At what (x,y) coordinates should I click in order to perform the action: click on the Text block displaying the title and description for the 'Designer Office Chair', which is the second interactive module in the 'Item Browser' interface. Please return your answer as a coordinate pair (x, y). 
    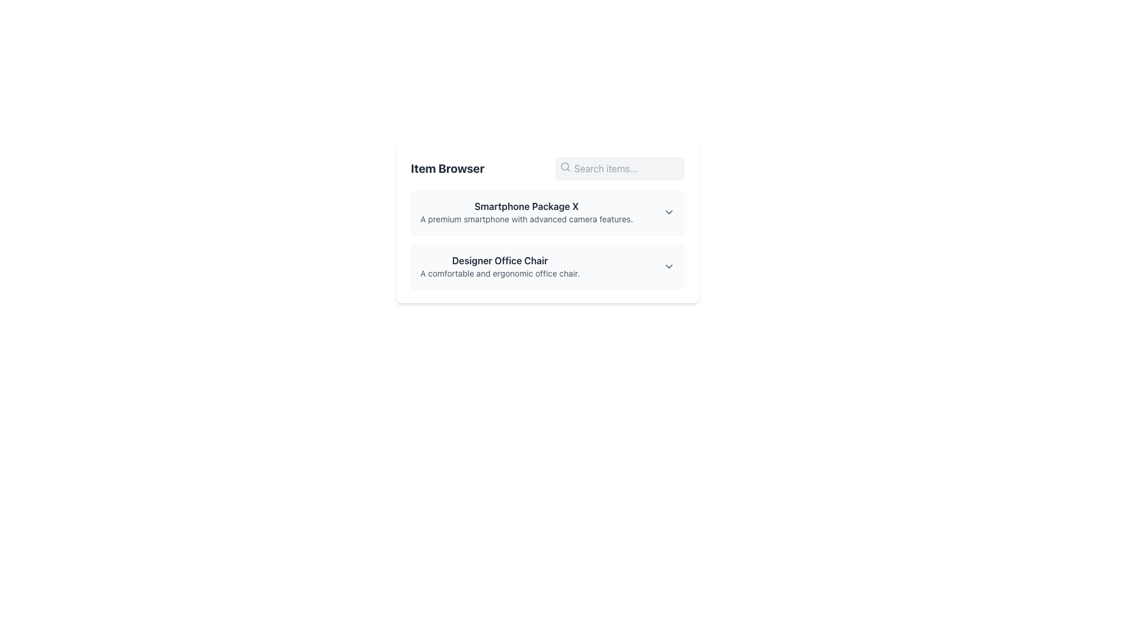
    Looking at the image, I should click on (547, 266).